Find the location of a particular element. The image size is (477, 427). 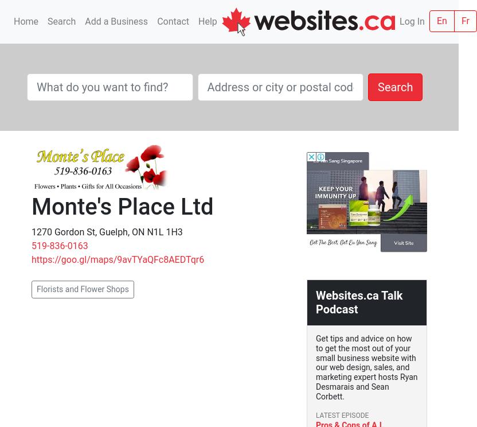

'Monte's Place Ltd' is located at coordinates (122, 206).